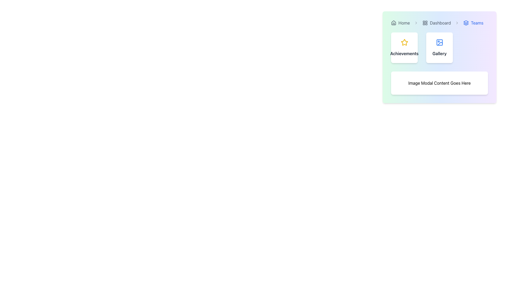 Image resolution: width=507 pixels, height=285 pixels. Describe the element at coordinates (473, 23) in the screenshot. I see `the breadcrumb link for the 'Teams' section` at that location.